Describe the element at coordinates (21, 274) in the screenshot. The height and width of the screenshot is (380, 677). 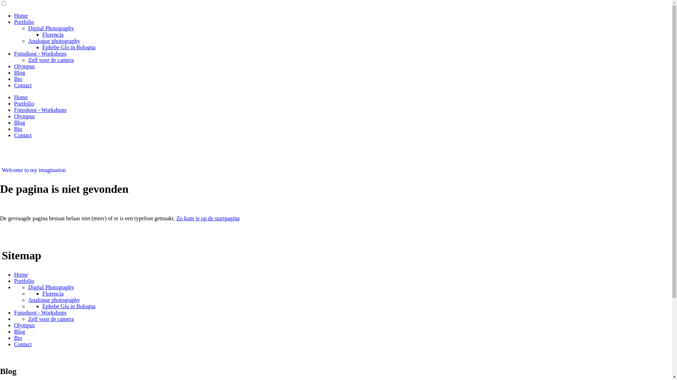
I see `'Home'` at that location.